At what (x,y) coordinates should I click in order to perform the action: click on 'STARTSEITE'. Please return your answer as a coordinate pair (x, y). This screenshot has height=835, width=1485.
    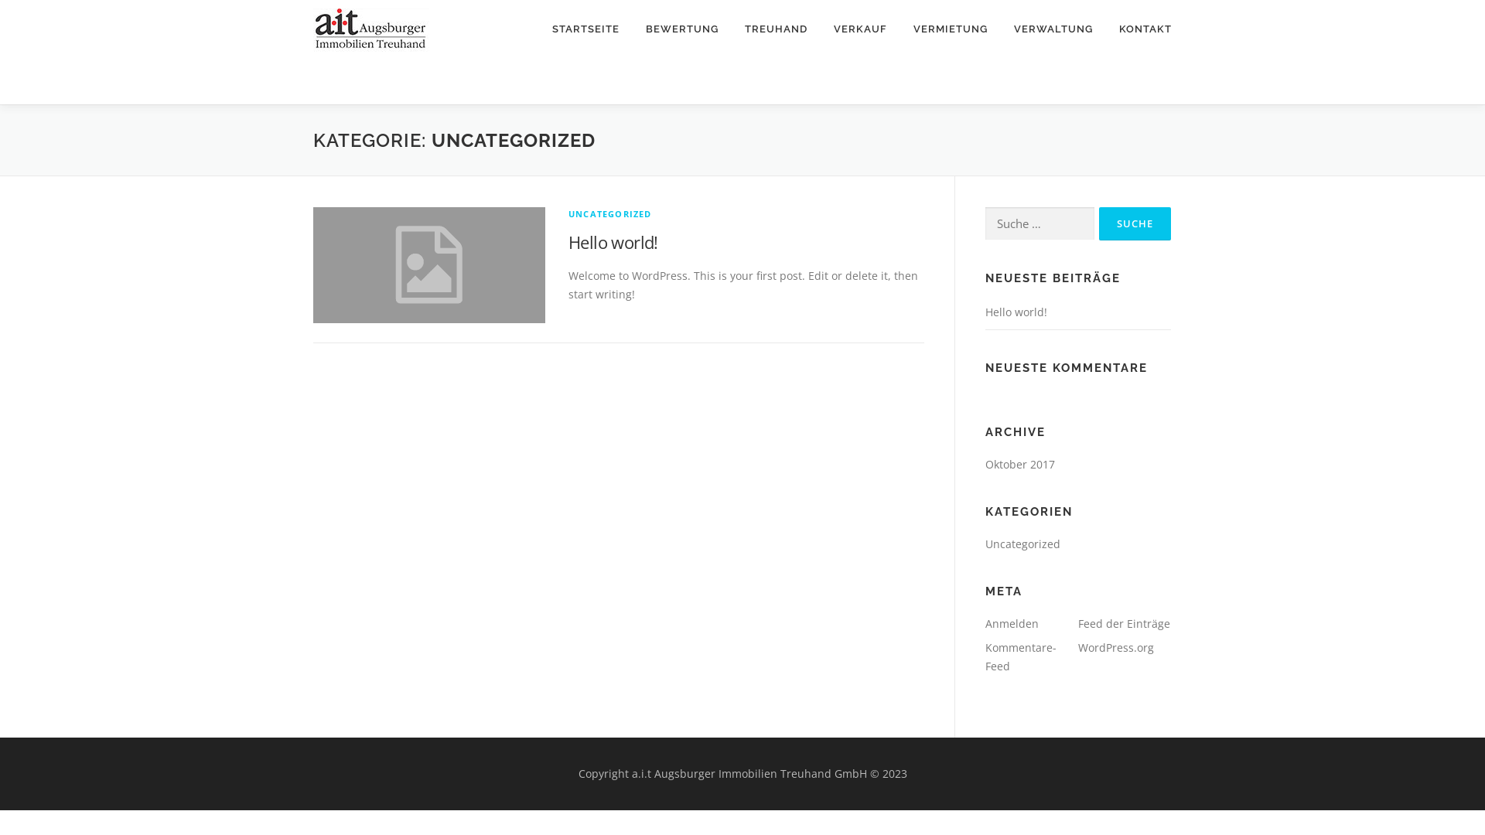
    Looking at the image, I should click on (585, 29).